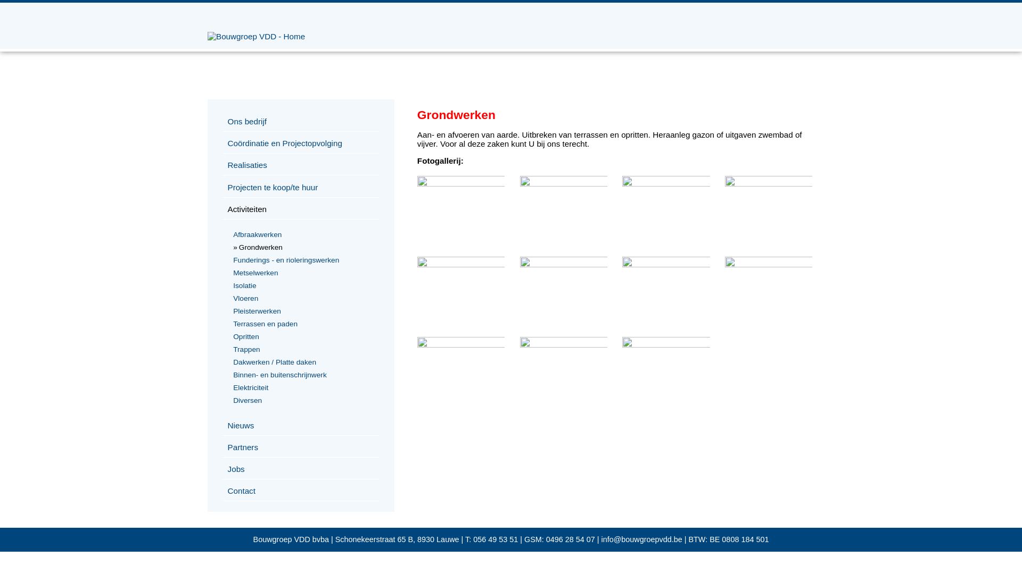 The height and width of the screenshot is (574, 1022). What do you see at coordinates (665, 264) in the screenshot?
I see `'Grondwerken'` at bounding box center [665, 264].